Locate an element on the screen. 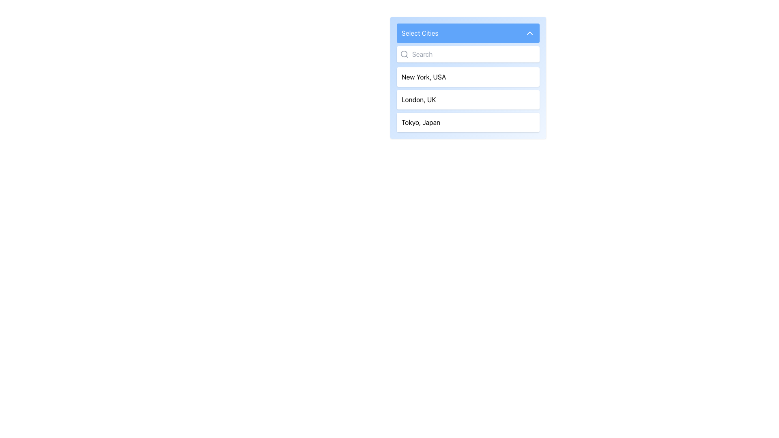  the text element reading 'London, UK', which is the second item in the 'Select Cities' dropdown menu located in the upper-right section of the interface is located at coordinates (419, 99).